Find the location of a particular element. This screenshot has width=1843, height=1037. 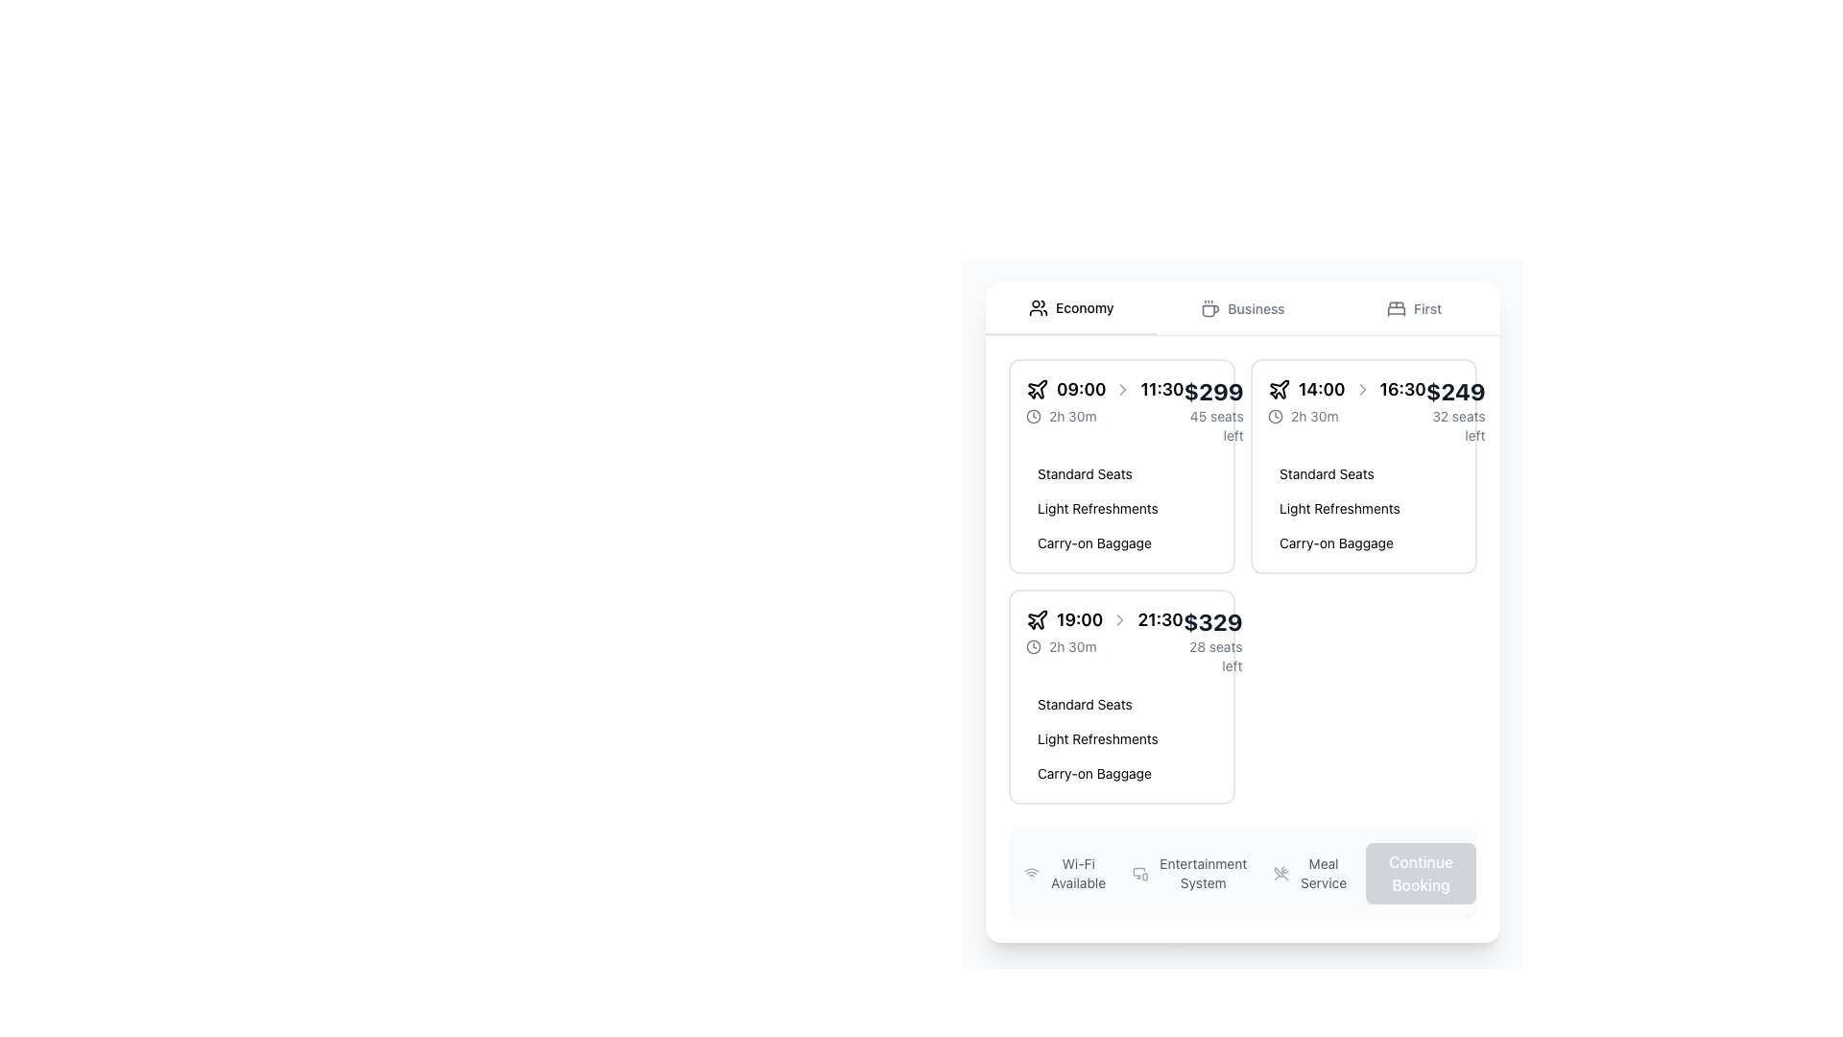

text label indicating seat availability located below the '$299' price text in the top-left ticket option of the ticket selection grid is located at coordinates (1212, 424).